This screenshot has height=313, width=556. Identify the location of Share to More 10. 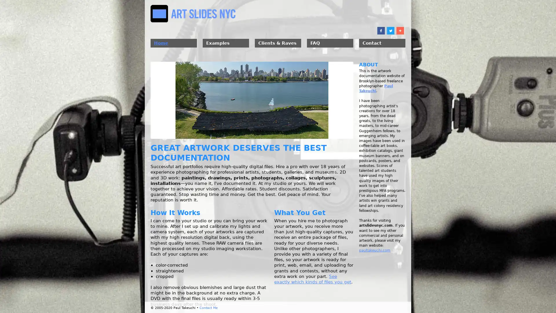
(396, 30).